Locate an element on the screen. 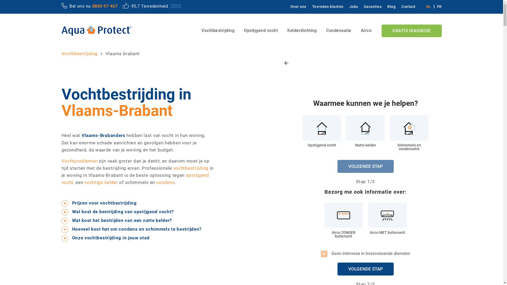  'Home - Aqua Protect, Vochtbestrijding' is located at coordinates (96, 31).